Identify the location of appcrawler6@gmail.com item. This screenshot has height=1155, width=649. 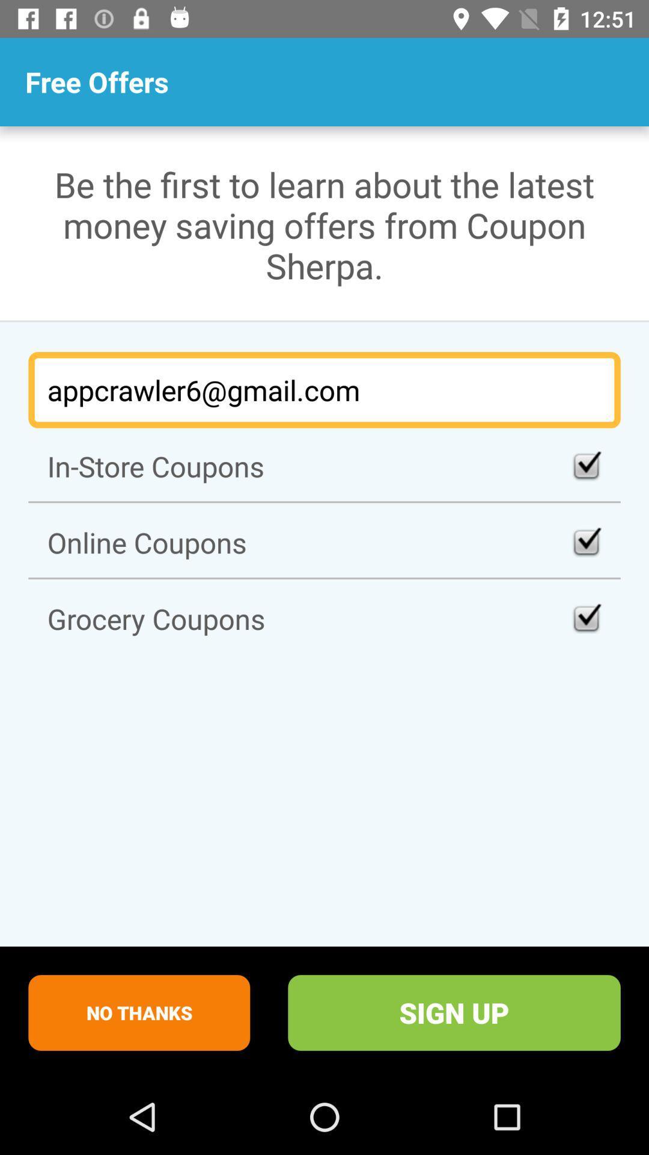
(324, 390).